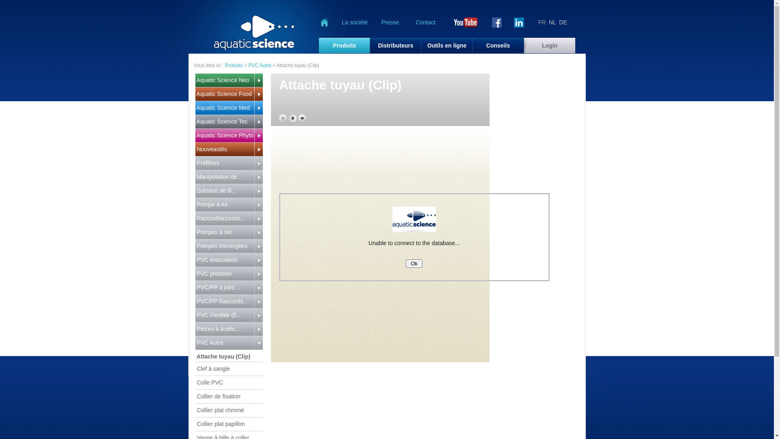  What do you see at coordinates (224, 135) in the screenshot?
I see `' Aquatic Science Phyto'` at bounding box center [224, 135].